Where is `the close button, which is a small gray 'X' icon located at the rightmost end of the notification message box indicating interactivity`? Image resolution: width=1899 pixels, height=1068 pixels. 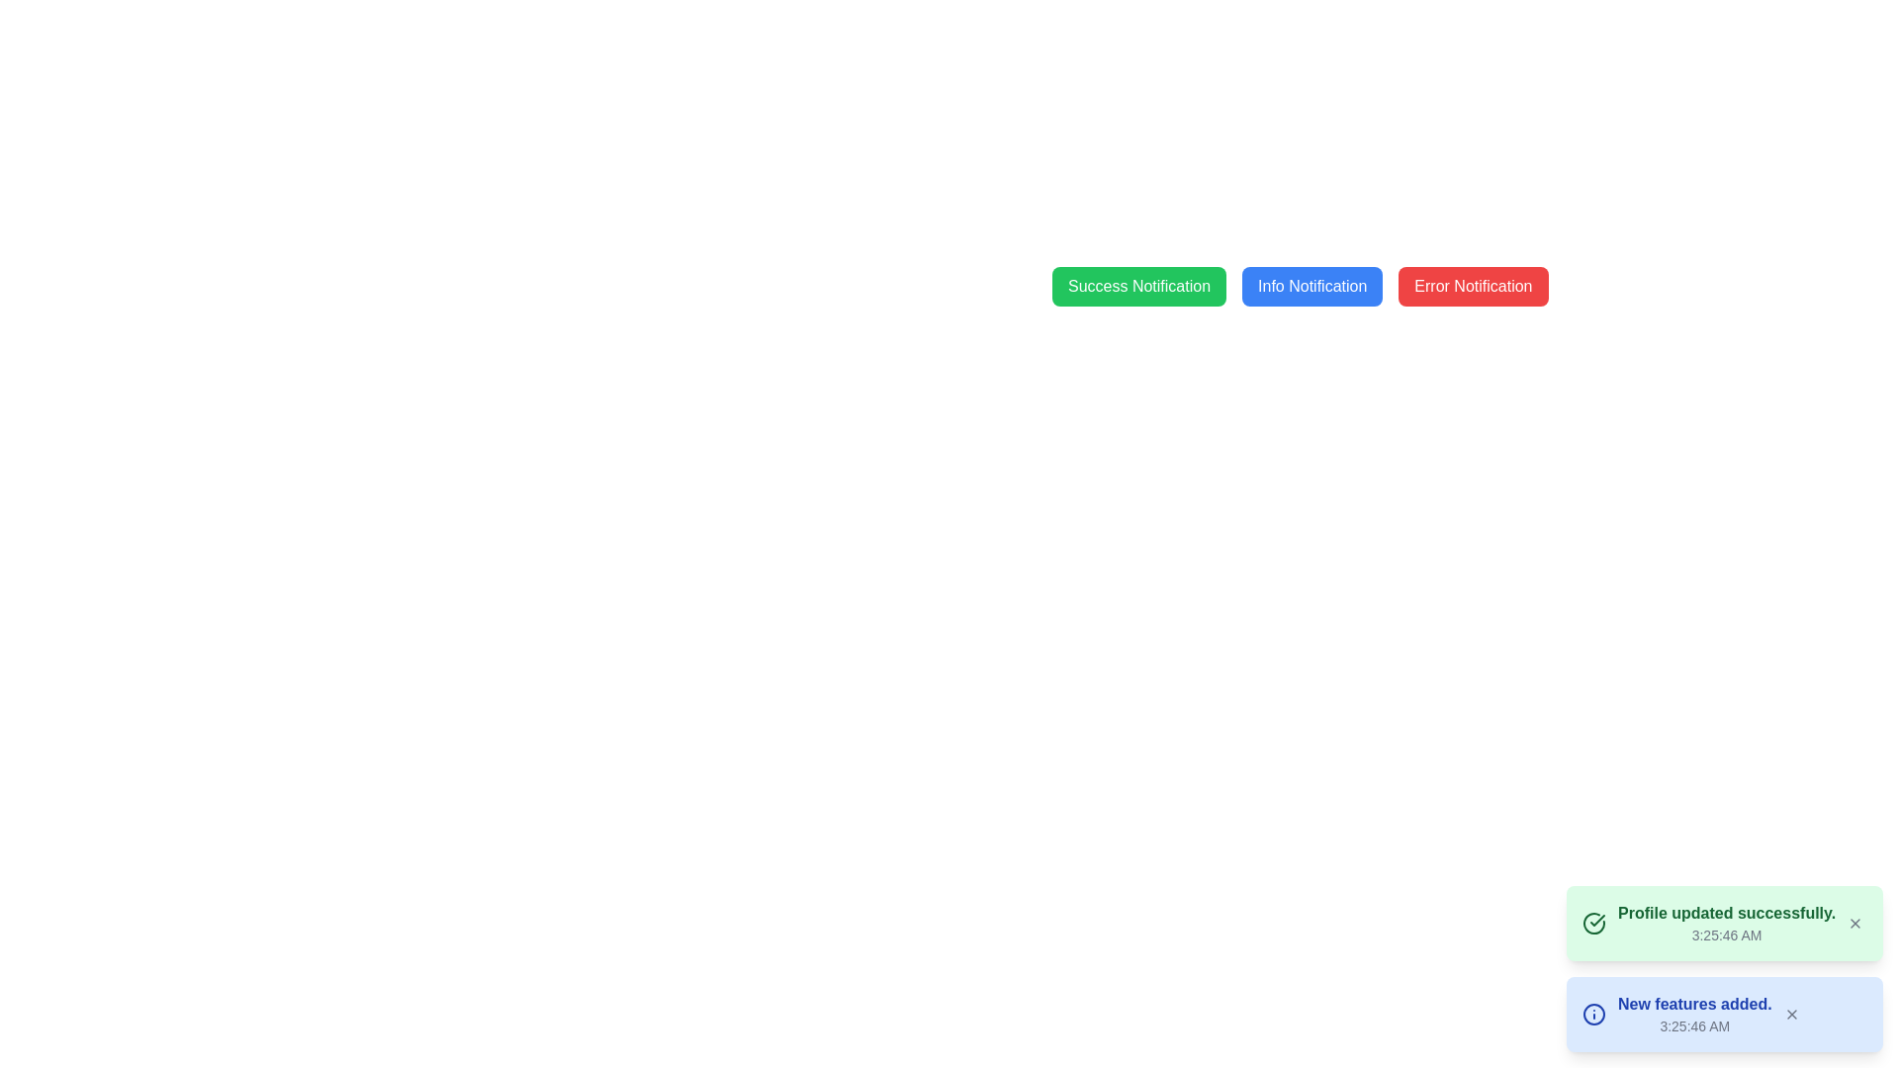 the close button, which is a small gray 'X' icon located at the rightmost end of the notification message box indicating interactivity is located at coordinates (1854, 923).